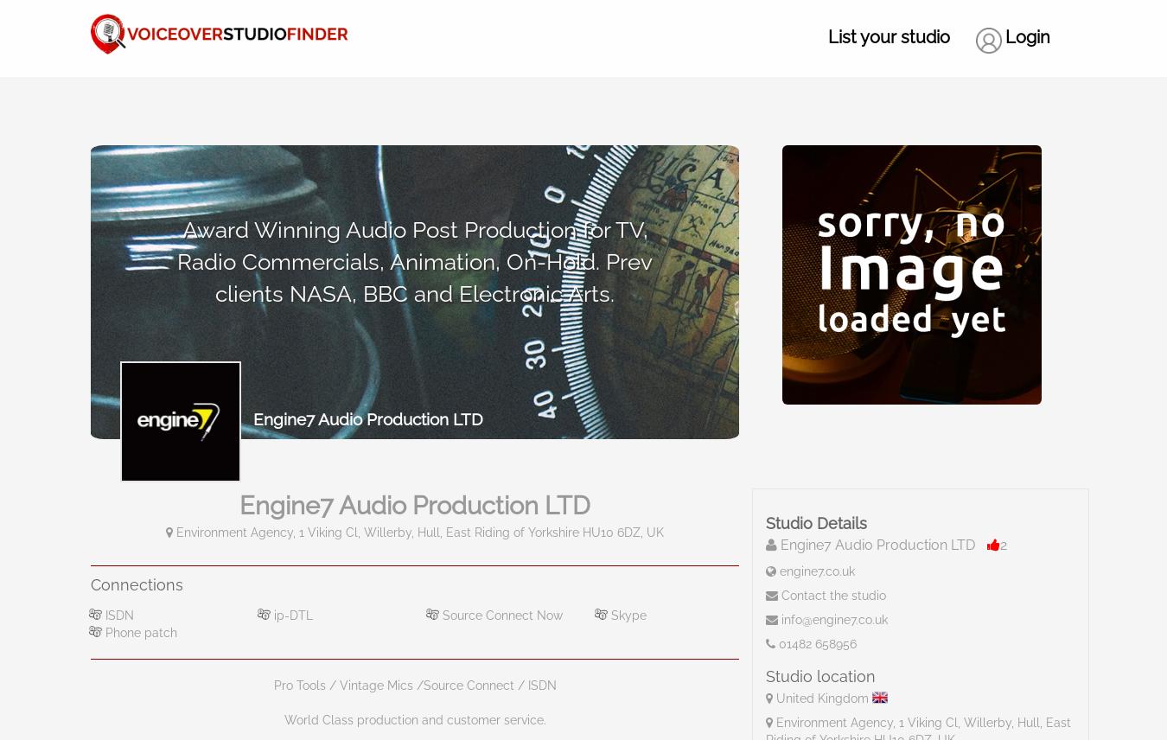 This screenshot has width=1167, height=740. Describe the element at coordinates (413, 684) in the screenshot. I see `'Pro Tools / Vintage Mics /Source Connect / ISDN'` at that location.